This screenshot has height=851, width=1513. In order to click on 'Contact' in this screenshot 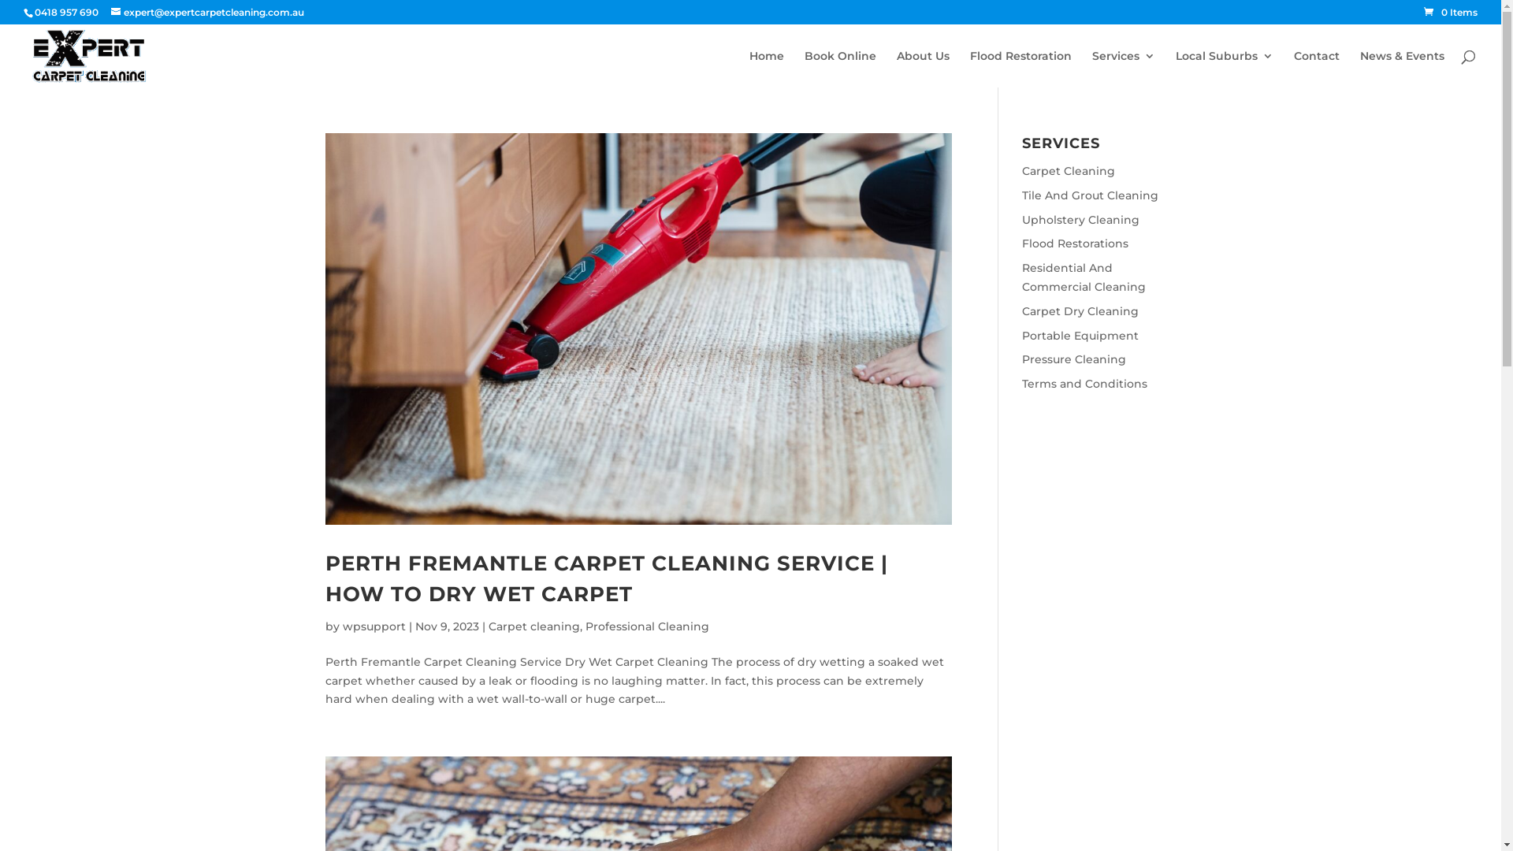, I will do `click(1316, 68)`.